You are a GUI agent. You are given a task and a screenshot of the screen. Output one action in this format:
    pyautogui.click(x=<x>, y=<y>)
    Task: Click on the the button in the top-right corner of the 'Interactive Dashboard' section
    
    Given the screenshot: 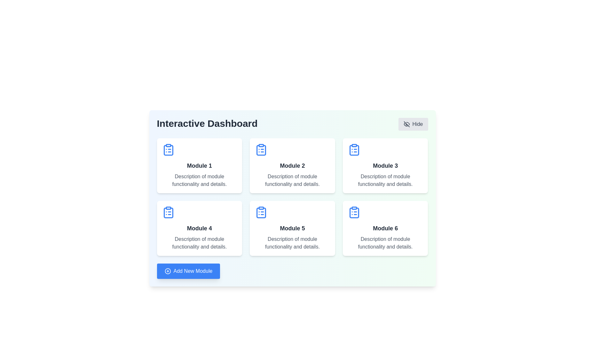 What is the action you would take?
    pyautogui.click(x=413, y=124)
    